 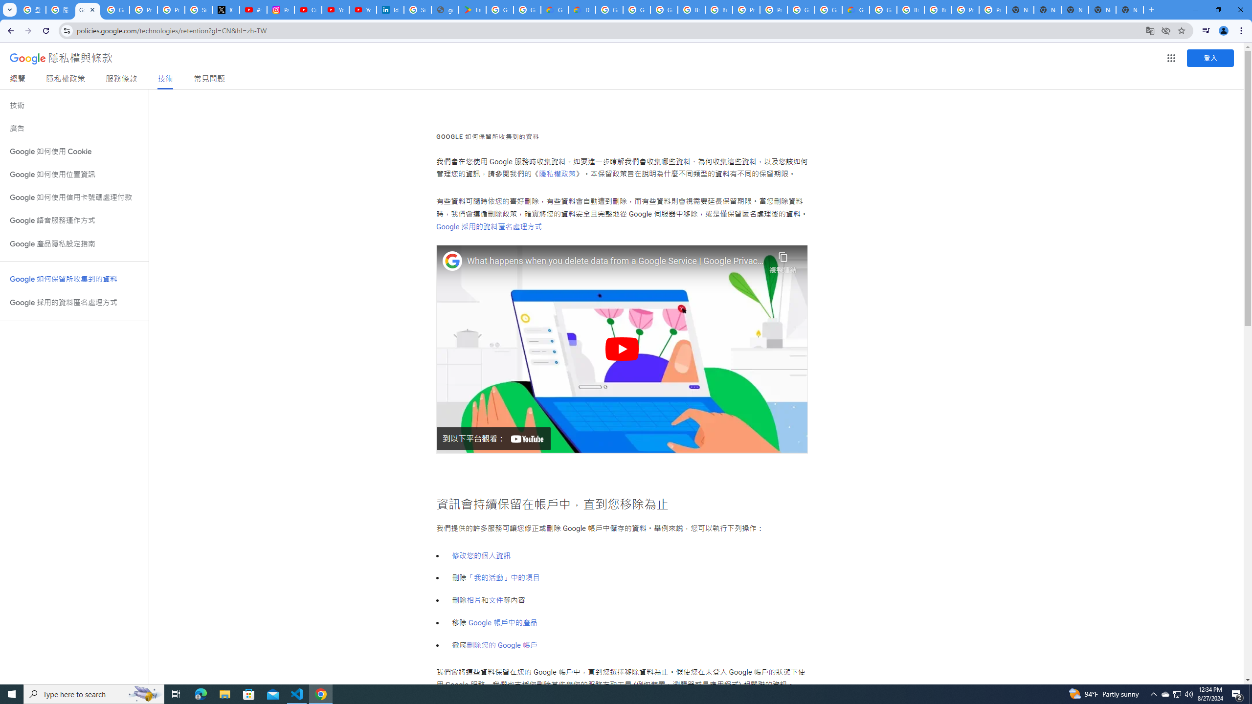 I want to click on 'Google Workspace - Specific Terms', so click(x=528, y=9).